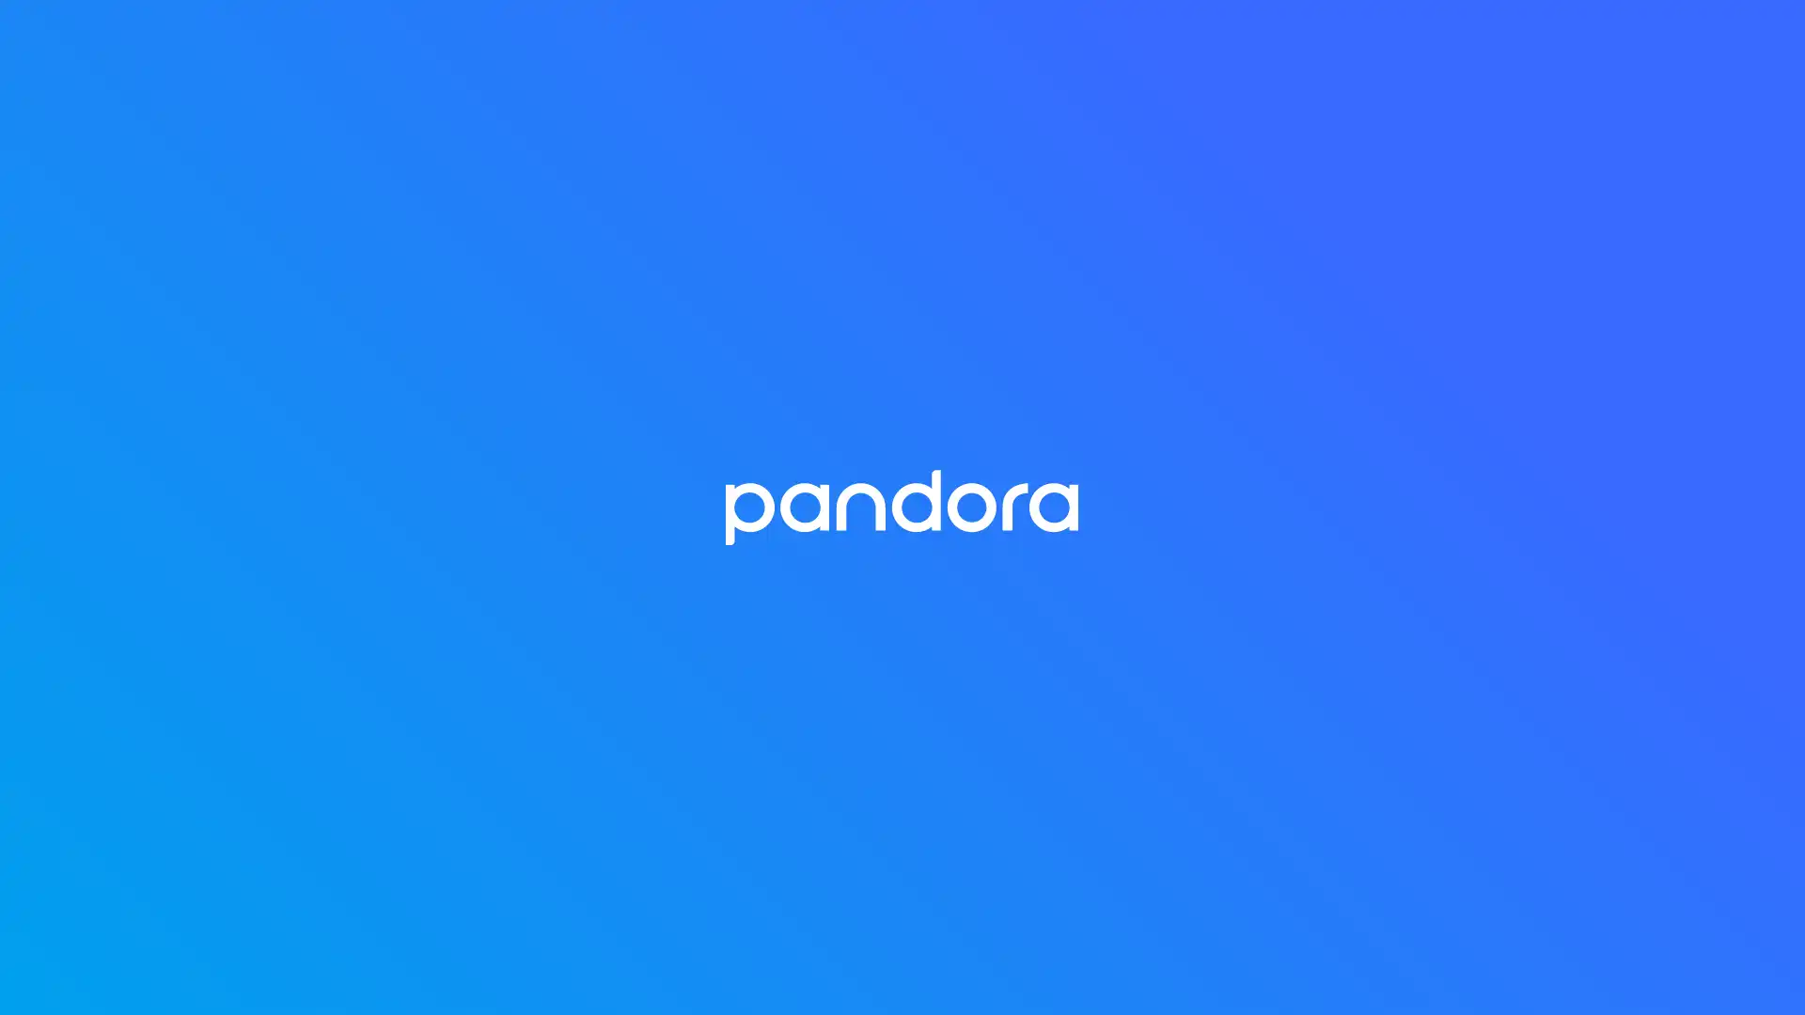 This screenshot has height=1015, width=1805. I want to click on Play Podcast, so click(441, 612).